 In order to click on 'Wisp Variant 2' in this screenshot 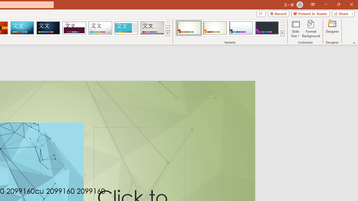, I will do `click(215, 28)`.